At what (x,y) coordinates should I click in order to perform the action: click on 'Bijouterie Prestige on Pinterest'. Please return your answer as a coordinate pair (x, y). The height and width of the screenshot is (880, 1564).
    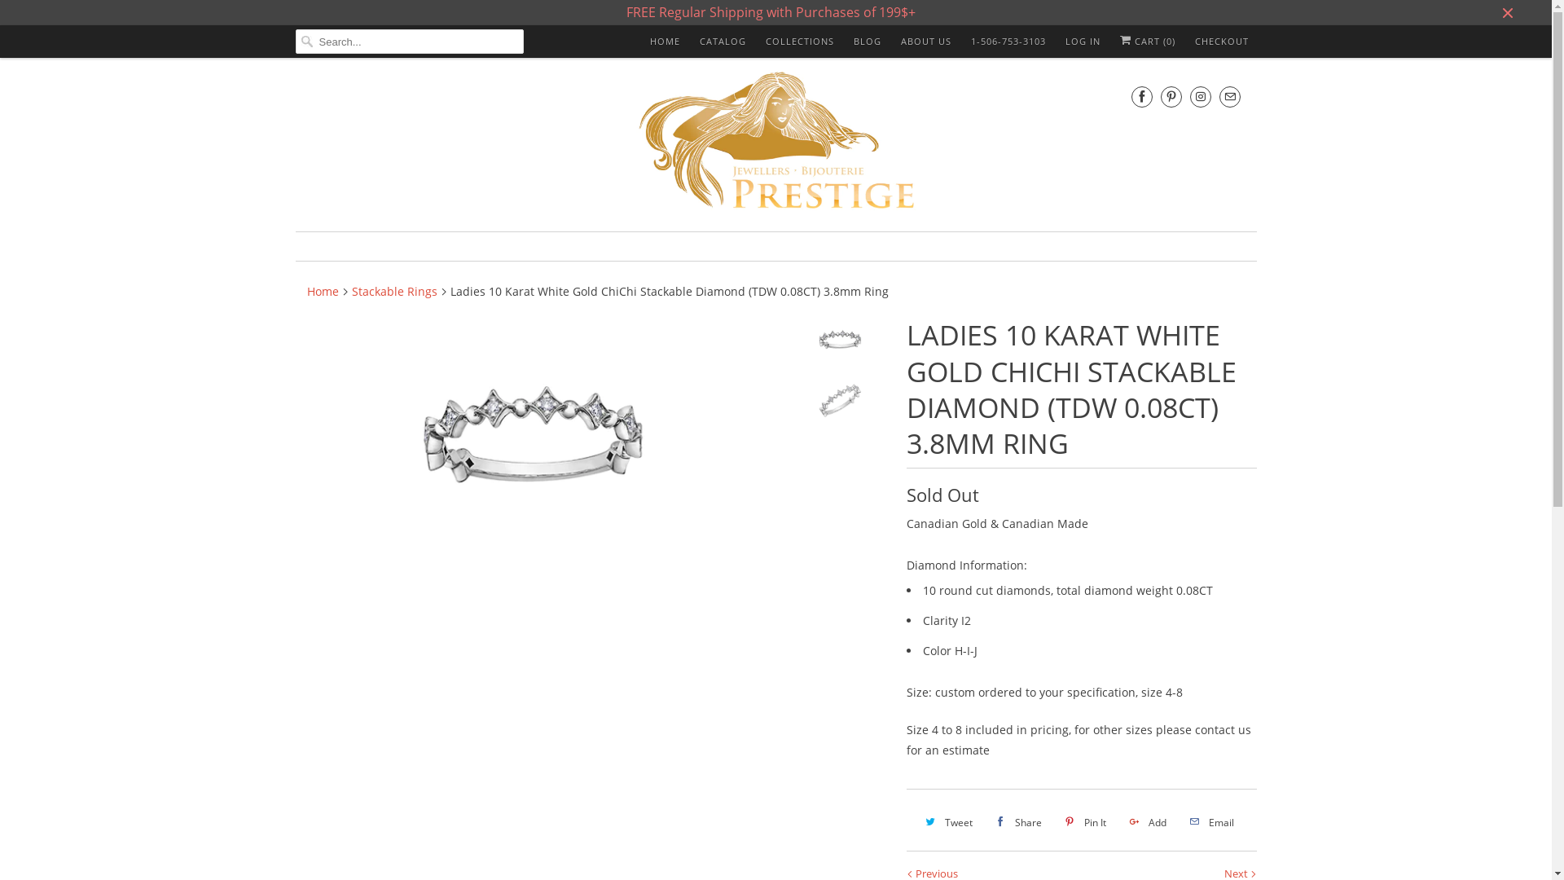
    Looking at the image, I should click on (1169, 96).